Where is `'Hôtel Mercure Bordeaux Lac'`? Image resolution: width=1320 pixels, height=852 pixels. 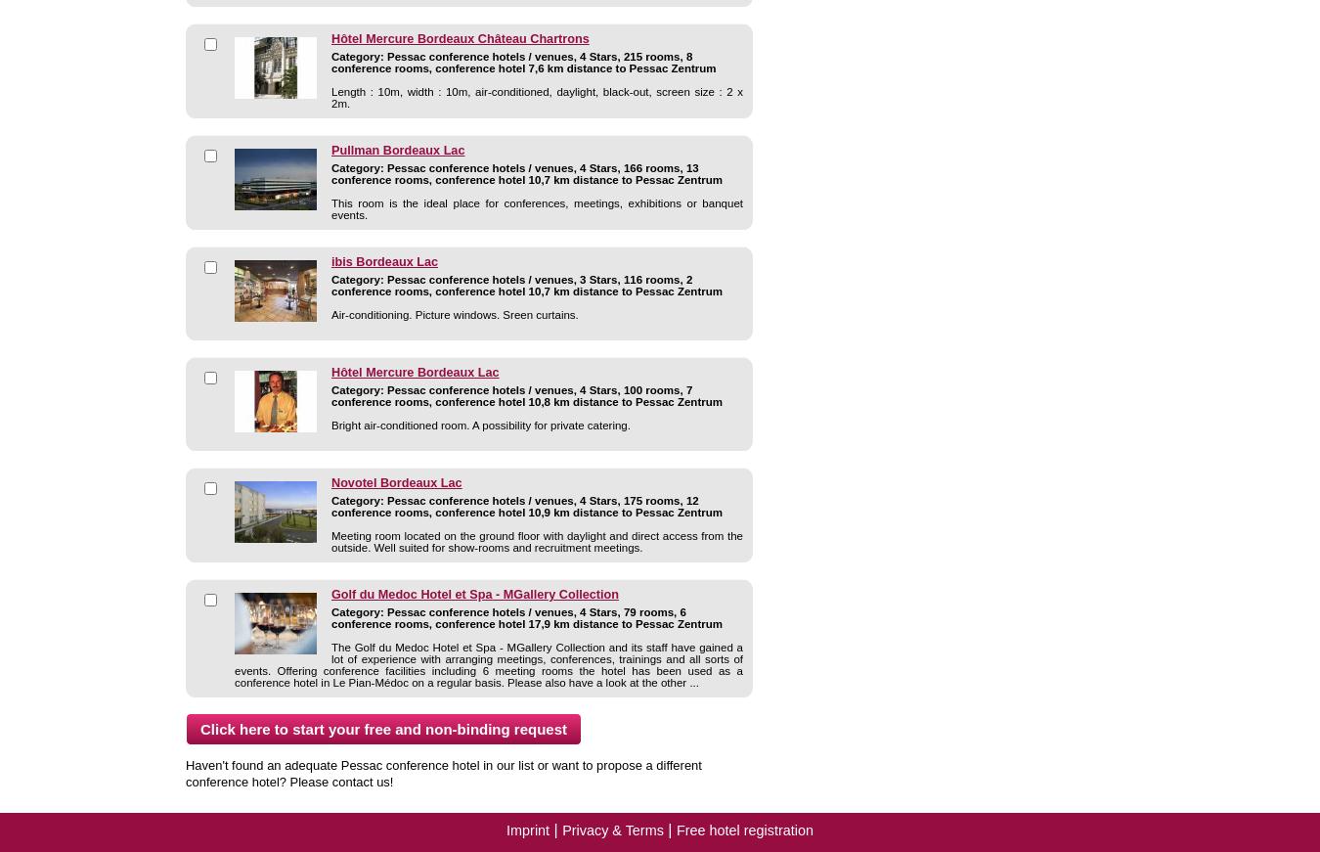
'Hôtel Mercure Bordeaux Lac' is located at coordinates (415, 371).